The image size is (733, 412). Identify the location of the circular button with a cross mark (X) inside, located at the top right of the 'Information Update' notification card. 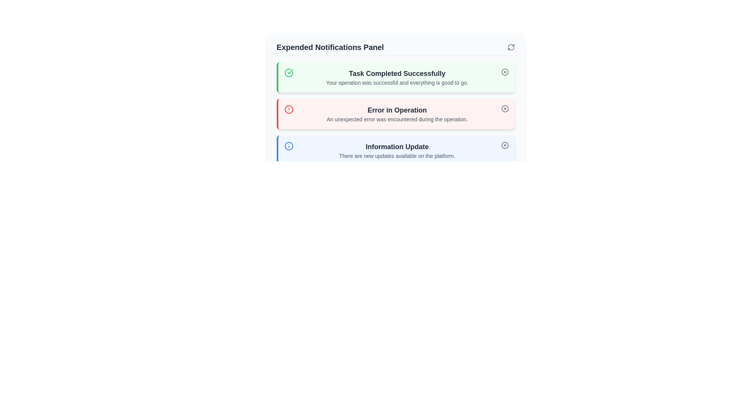
(505, 145).